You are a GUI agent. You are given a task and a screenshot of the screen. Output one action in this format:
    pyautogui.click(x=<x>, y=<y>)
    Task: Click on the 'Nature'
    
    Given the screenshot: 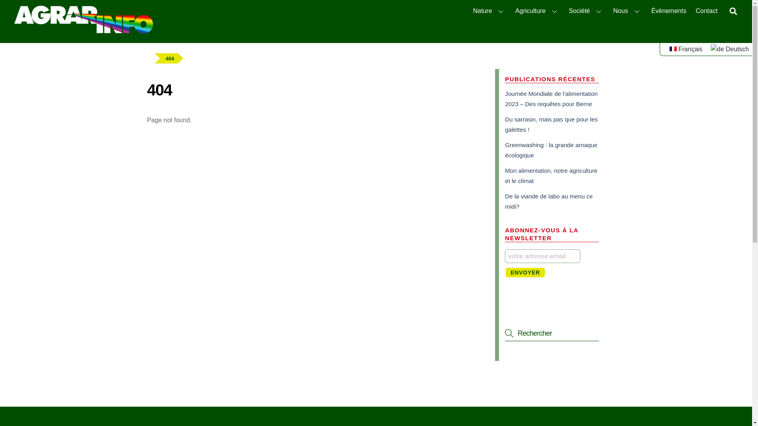 What is the action you would take?
    pyautogui.click(x=489, y=11)
    